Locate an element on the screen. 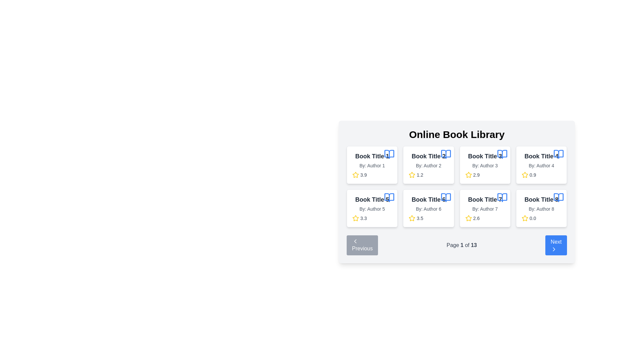  the SVG icon for navigating to the previous set of items, which is centrally aligned within the 'Previous' button at the bottom-left of the paging controls is located at coordinates (355, 241).